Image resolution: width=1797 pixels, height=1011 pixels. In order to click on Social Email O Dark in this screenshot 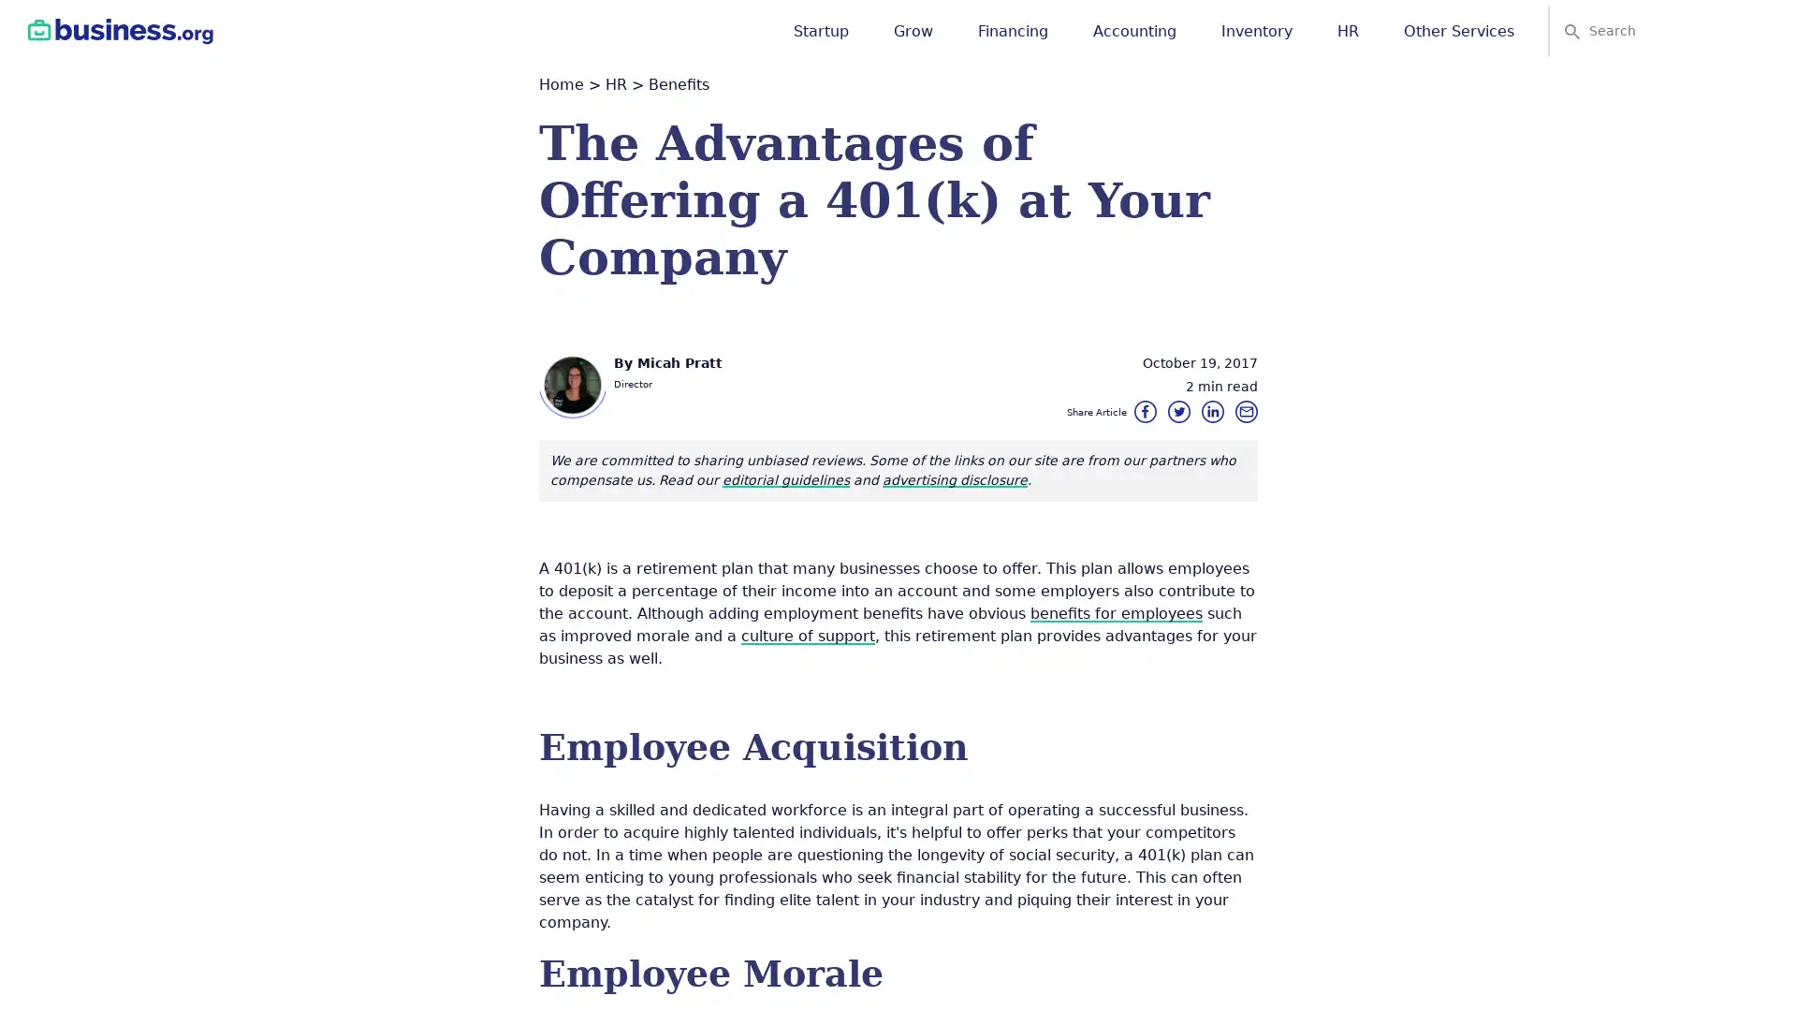, I will do `click(1246, 410)`.